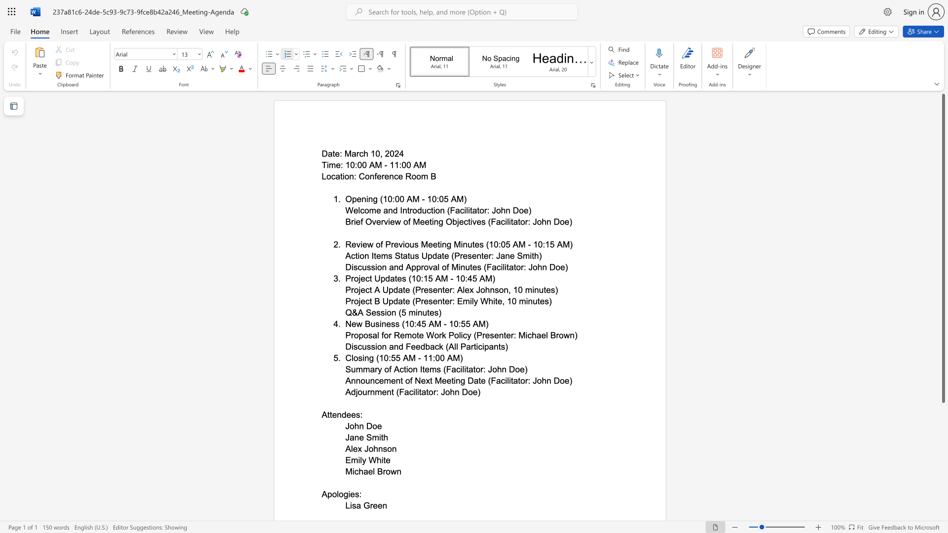 Image resolution: width=948 pixels, height=533 pixels. I want to click on the 1th character "P" in the text, so click(348, 289).